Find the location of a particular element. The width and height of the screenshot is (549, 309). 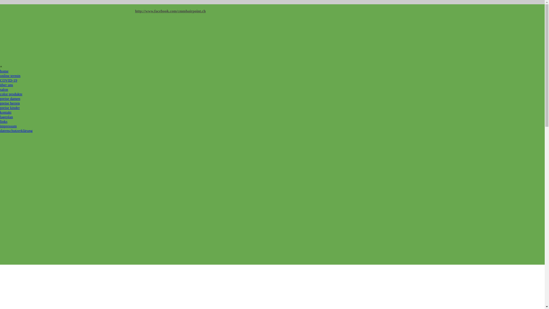

'kontakt' is located at coordinates (0, 112).